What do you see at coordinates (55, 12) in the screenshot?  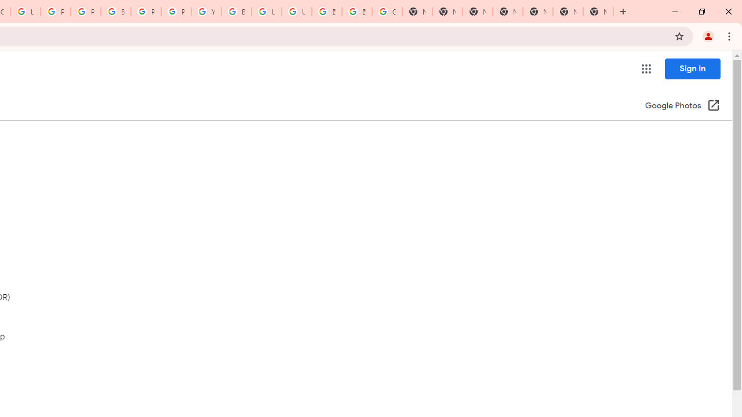 I see `'Privacy Help Center - Policies Help'` at bounding box center [55, 12].